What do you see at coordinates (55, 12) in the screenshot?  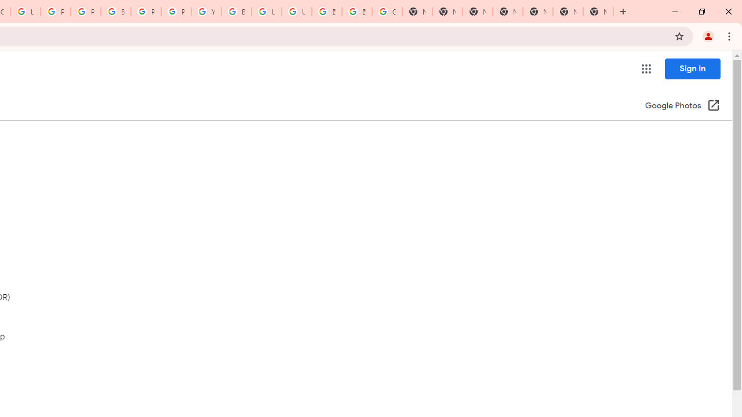 I see `'Privacy Help Center - Policies Help'` at bounding box center [55, 12].